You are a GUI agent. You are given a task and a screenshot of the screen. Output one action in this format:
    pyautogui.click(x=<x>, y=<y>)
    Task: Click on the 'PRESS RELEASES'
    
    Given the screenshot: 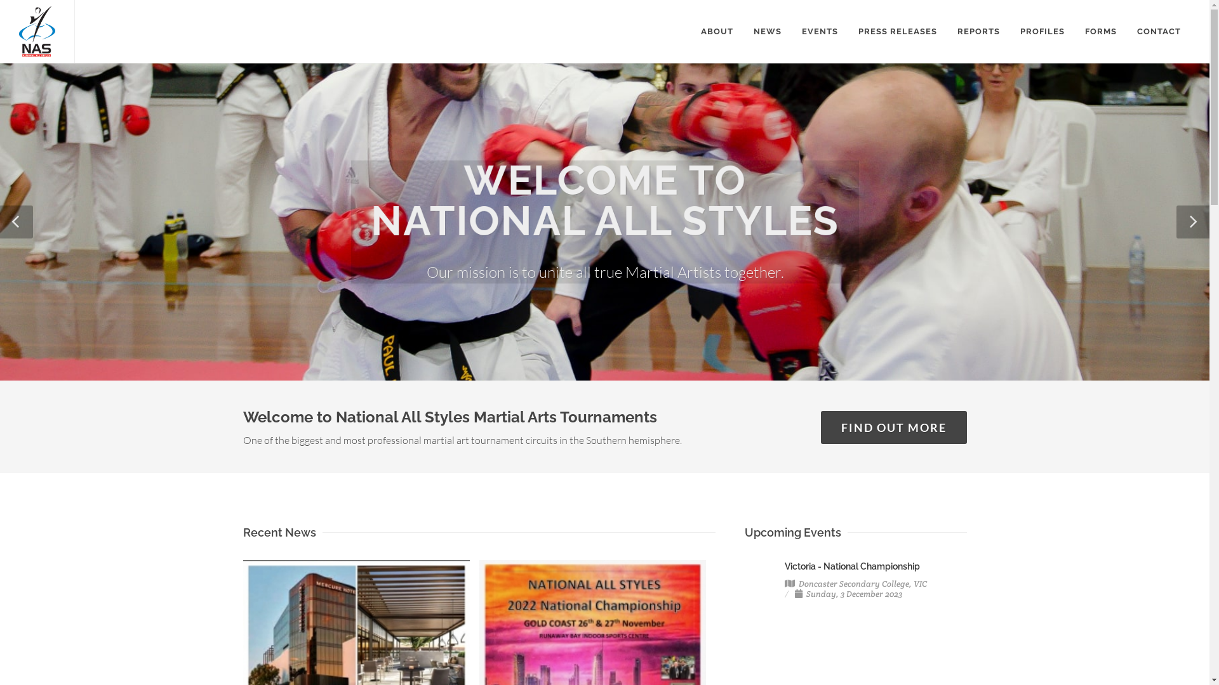 What is the action you would take?
    pyautogui.click(x=849, y=31)
    